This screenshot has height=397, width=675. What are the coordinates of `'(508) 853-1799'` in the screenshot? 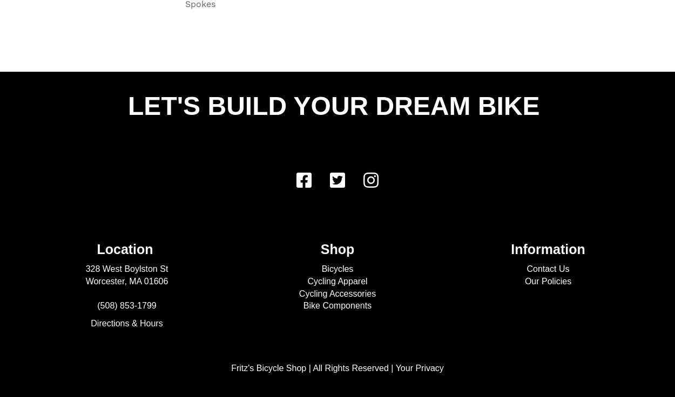 It's located at (126, 304).